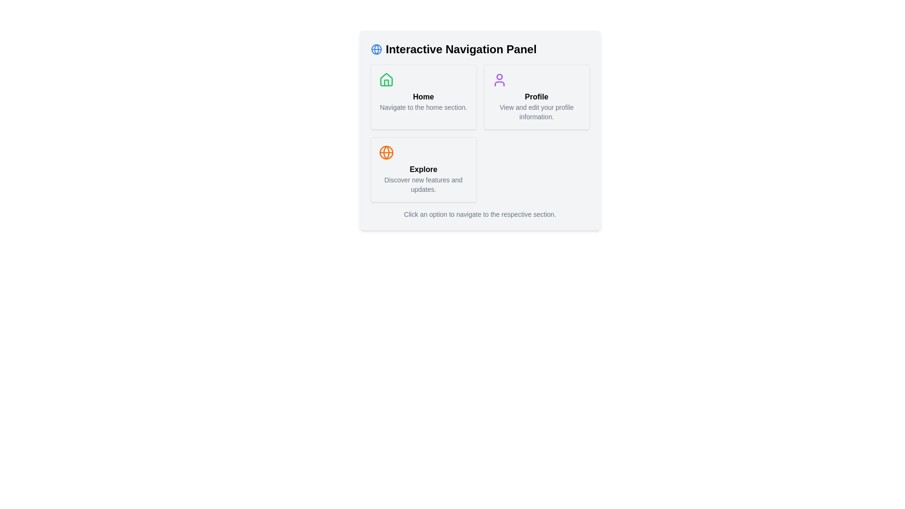 This screenshot has width=905, height=509. Describe the element at coordinates (386, 79) in the screenshot. I see `the green house-shaped icon located at the top center of the 'Home' button in the navigation panel as a visual indicator` at that location.